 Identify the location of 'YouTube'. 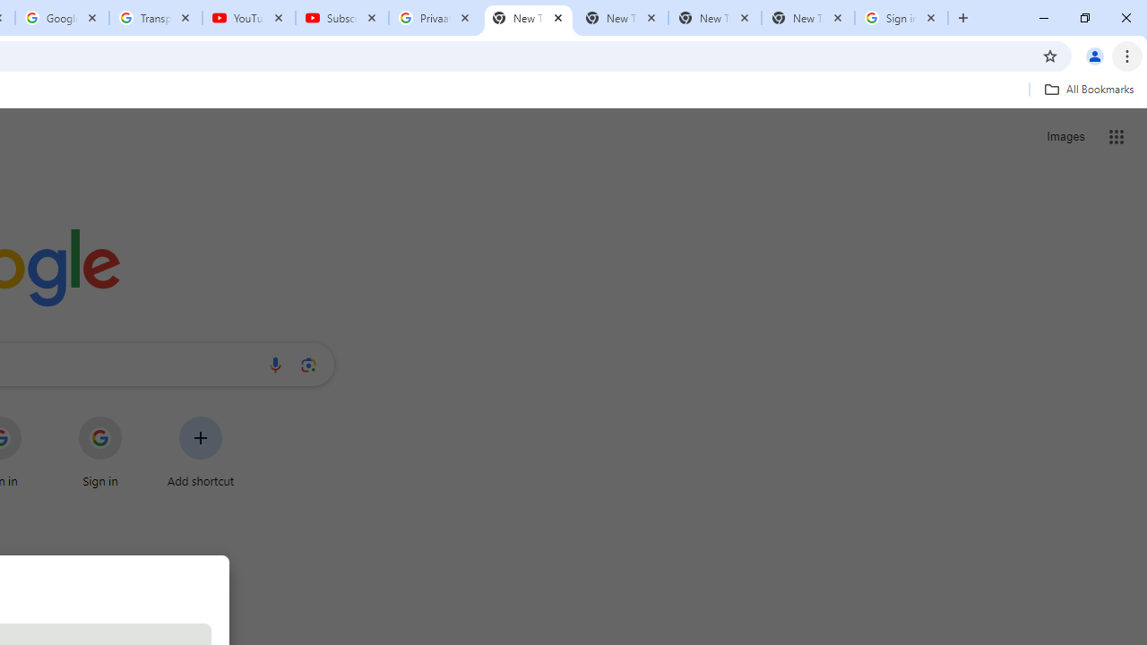
(248, 18).